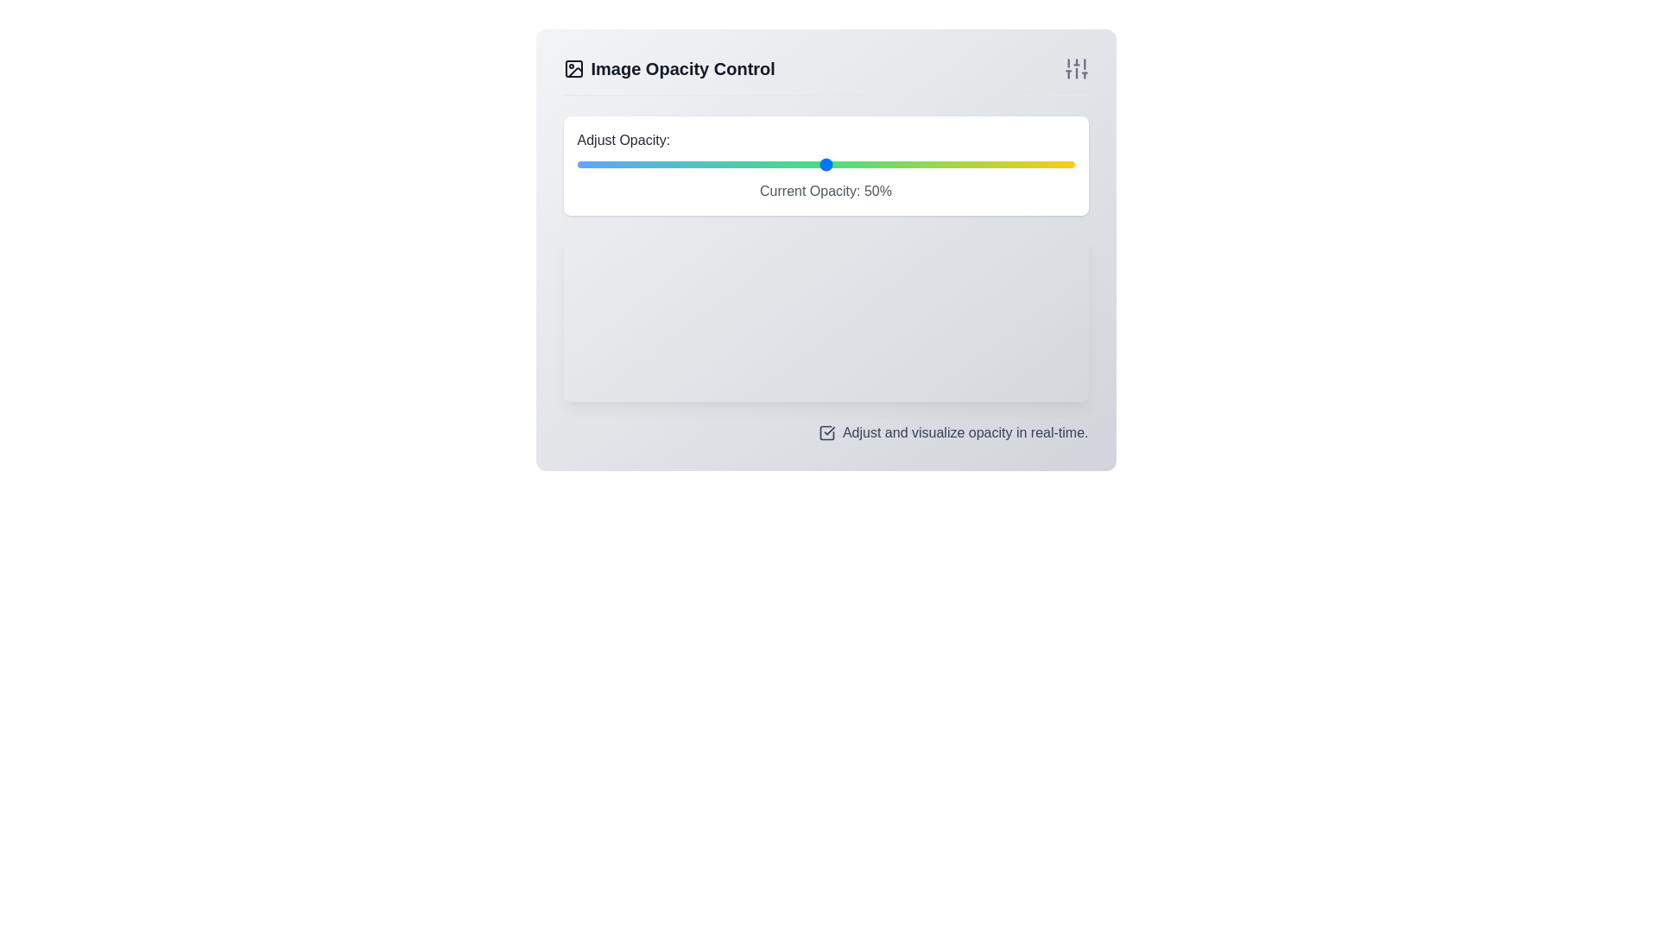 The width and height of the screenshot is (1658, 932). Describe the element at coordinates (826, 431) in the screenshot. I see `the checkbox element, which is a square icon with a checkmark inside it, located near the bottom of the interface to the left of the text 'Adjust and visualize opacity in real-time.'` at that location.